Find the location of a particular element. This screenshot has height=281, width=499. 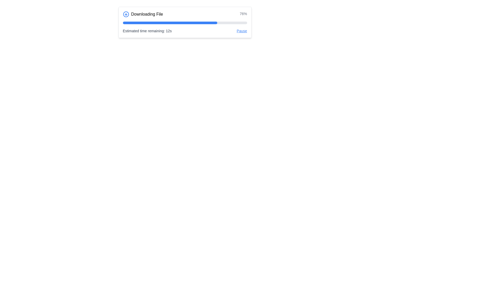

the text link labeled 'Pause', which is styled in blue and underlined, located to the right of the text 'Estimated time remaining: 12s' in the bottom-right corner of a progress box is located at coordinates (241, 31).